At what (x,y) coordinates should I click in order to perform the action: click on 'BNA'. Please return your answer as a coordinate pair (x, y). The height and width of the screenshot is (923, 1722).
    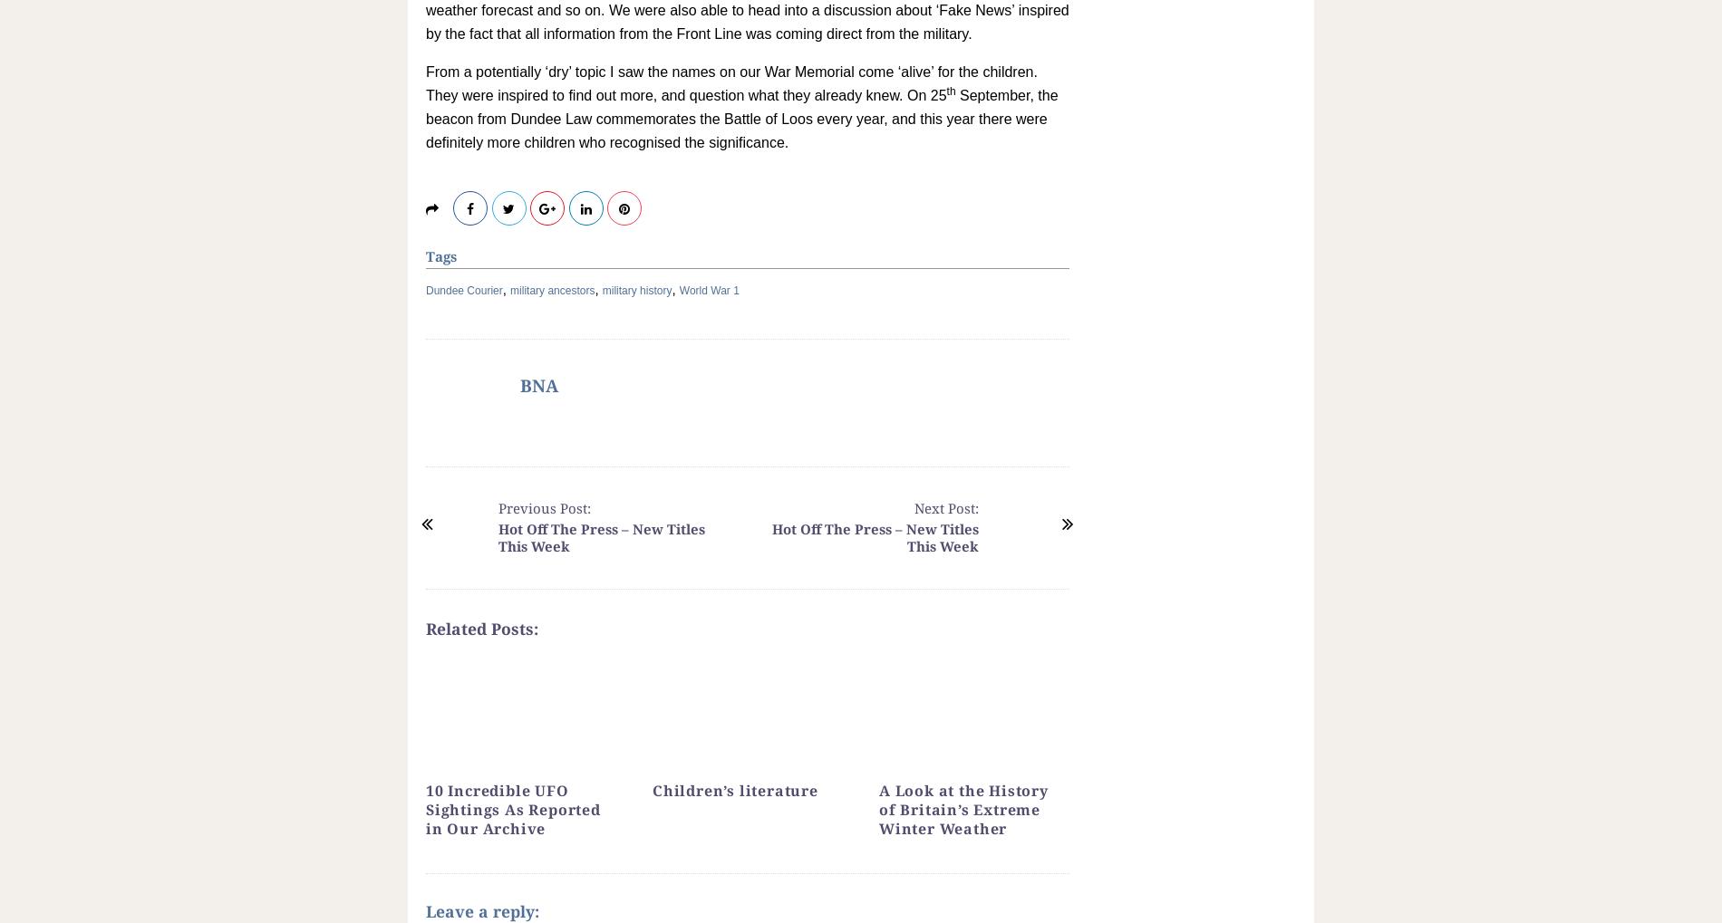
    Looking at the image, I should click on (539, 386).